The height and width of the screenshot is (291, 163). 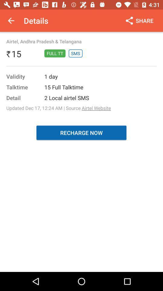 I want to click on app next to details, so click(x=11, y=21).